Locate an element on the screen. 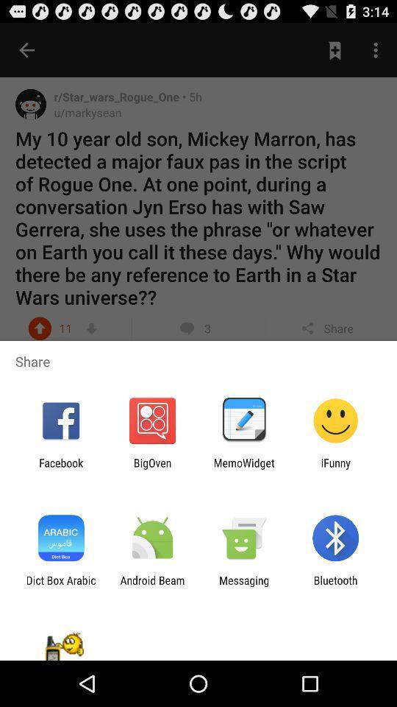  the icon next to dict box arabic app is located at coordinates (151, 586).